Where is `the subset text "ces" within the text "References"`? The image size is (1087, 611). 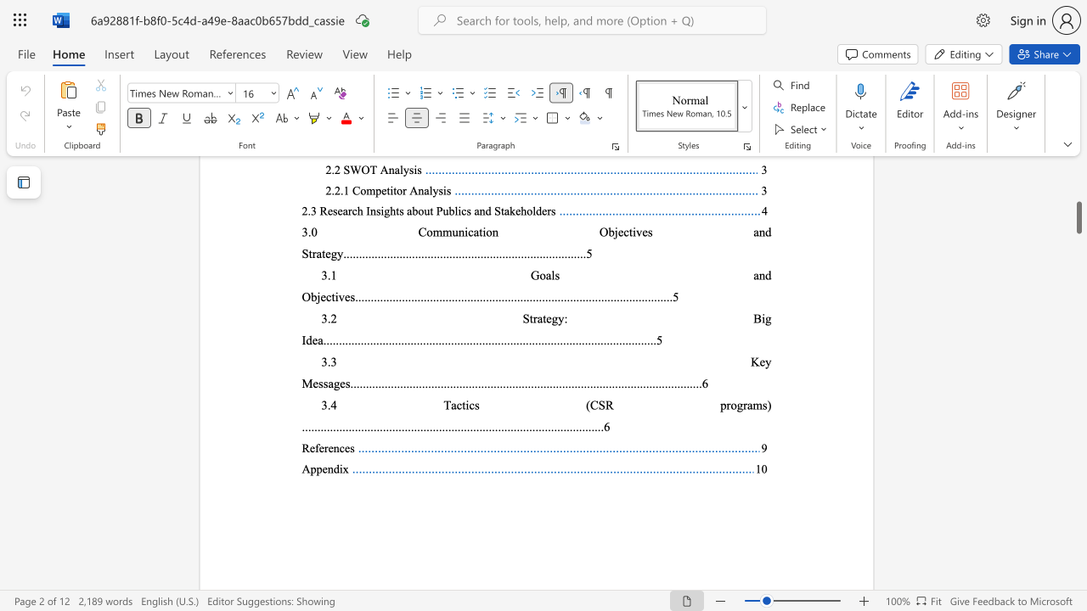
the subset text "ces" within the text "References" is located at coordinates (339, 447).